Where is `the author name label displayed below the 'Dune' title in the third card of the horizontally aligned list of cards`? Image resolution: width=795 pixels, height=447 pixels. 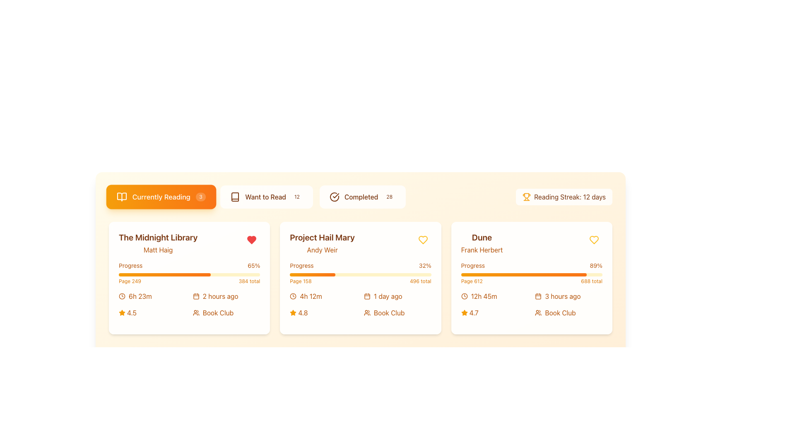
the author name label displayed below the 'Dune' title in the third card of the horizontally aligned list of cards is located at coordinates (482, 250).